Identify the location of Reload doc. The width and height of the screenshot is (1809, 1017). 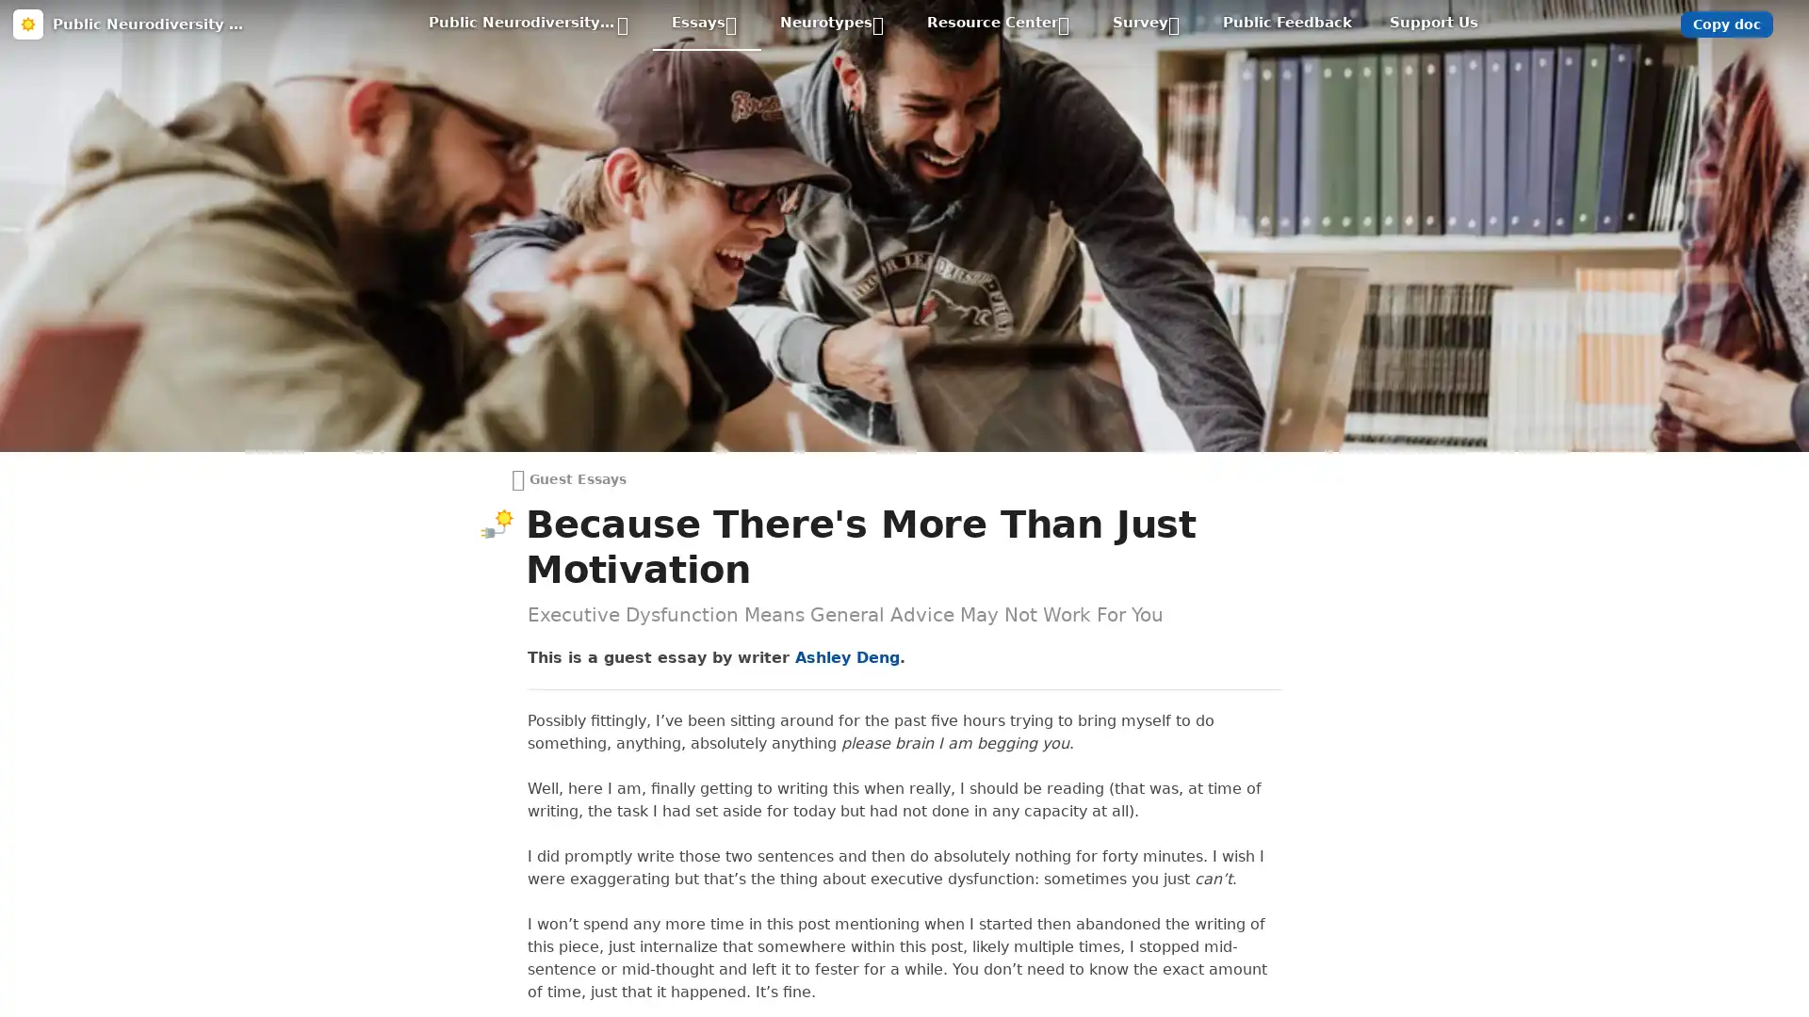
(903, 108).